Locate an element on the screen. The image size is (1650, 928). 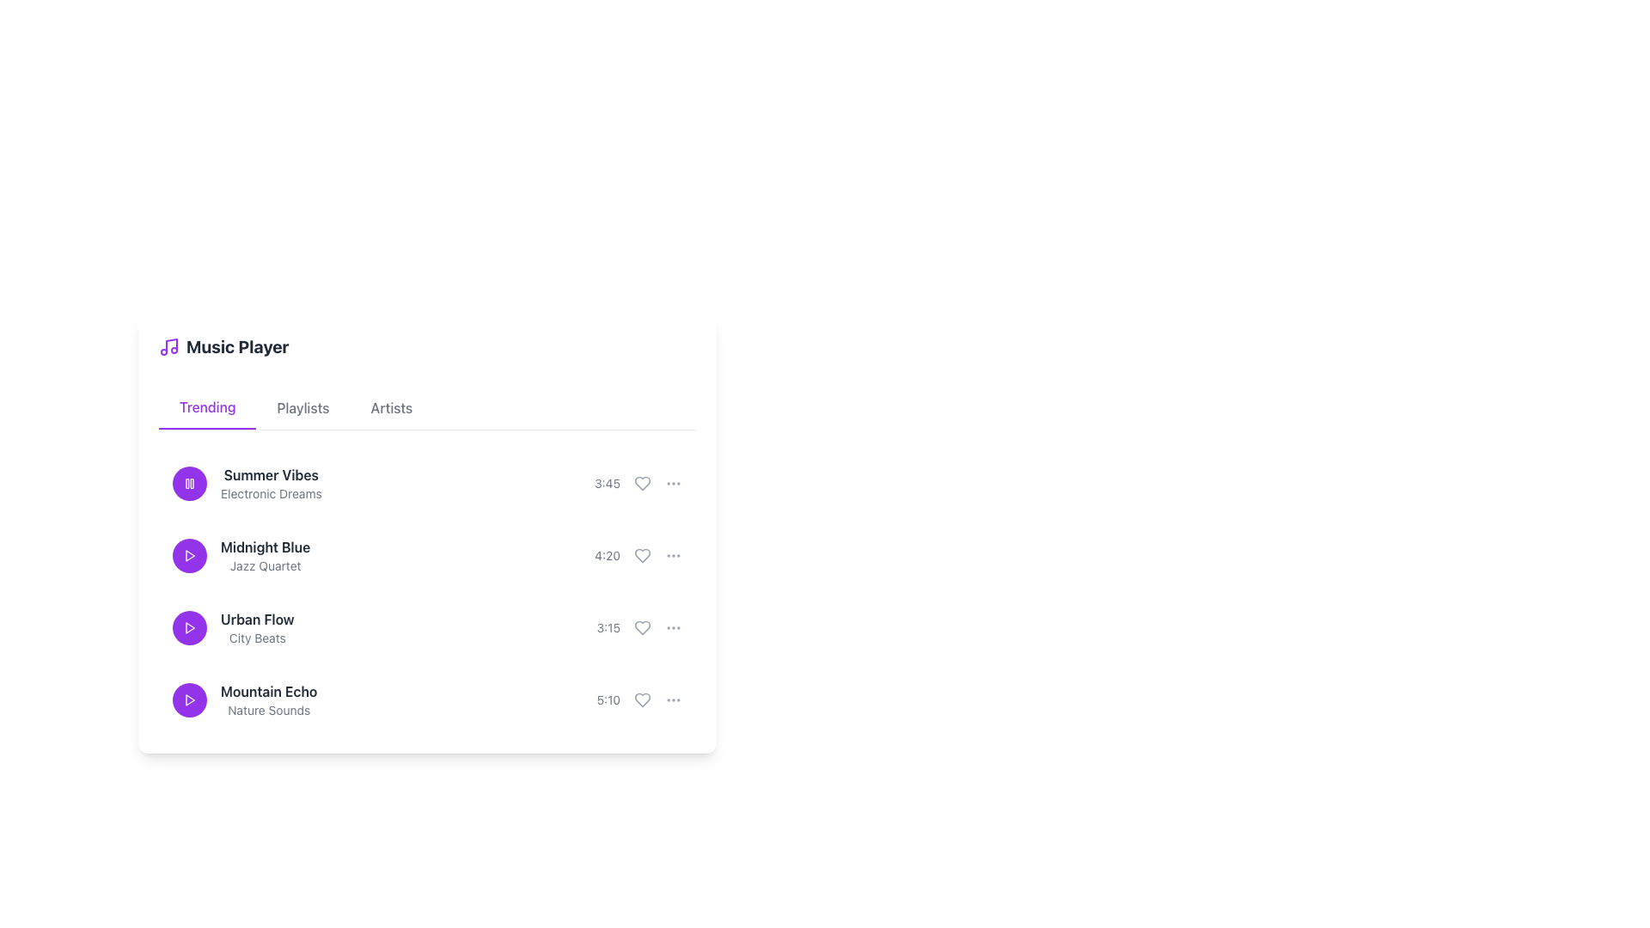
the fourth icon button in the upper-right corner of the music track controls is located at coordinates (672, 484).